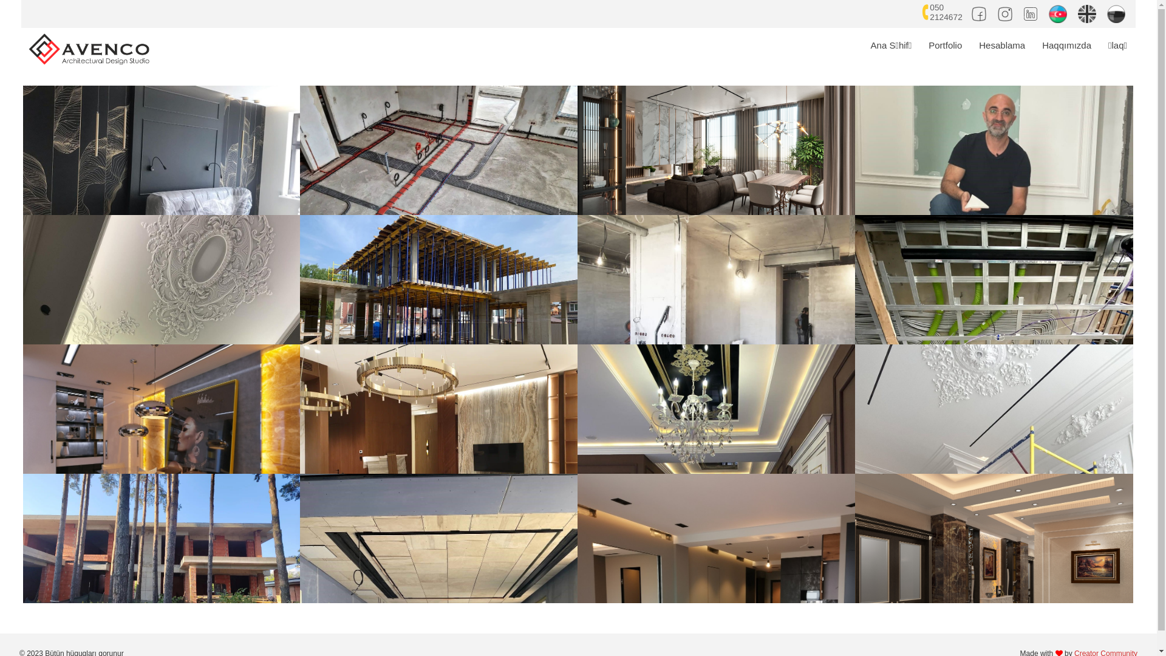 Image resolution: width=1166 pixels, height=656 pixels. I want to click on 'Lang-English', so click(1089, 12).